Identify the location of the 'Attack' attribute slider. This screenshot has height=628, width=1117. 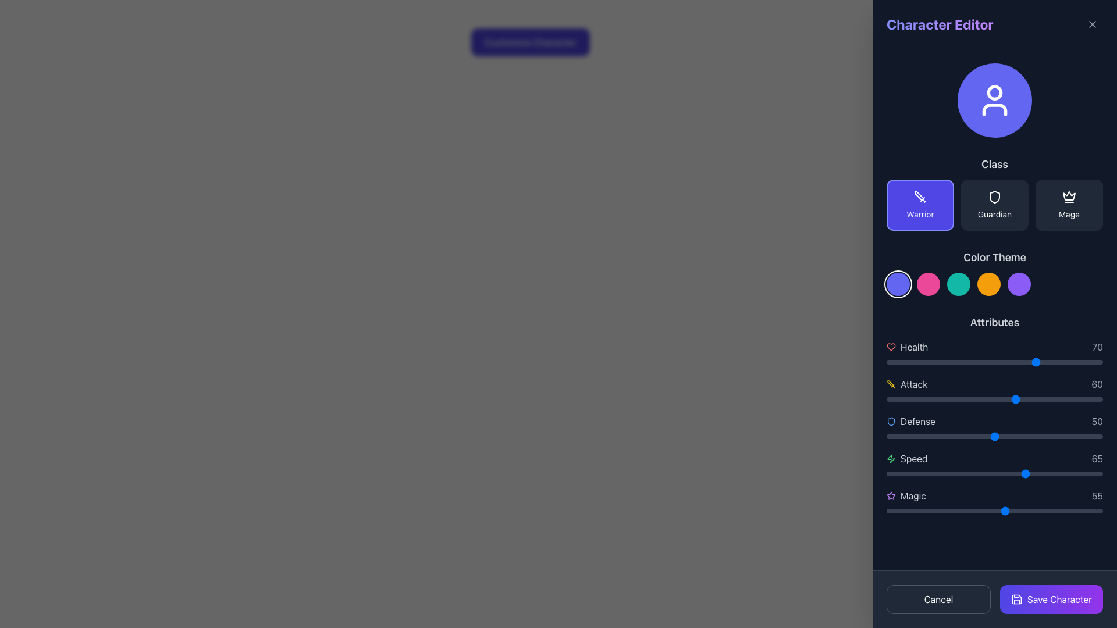
(977, 398).